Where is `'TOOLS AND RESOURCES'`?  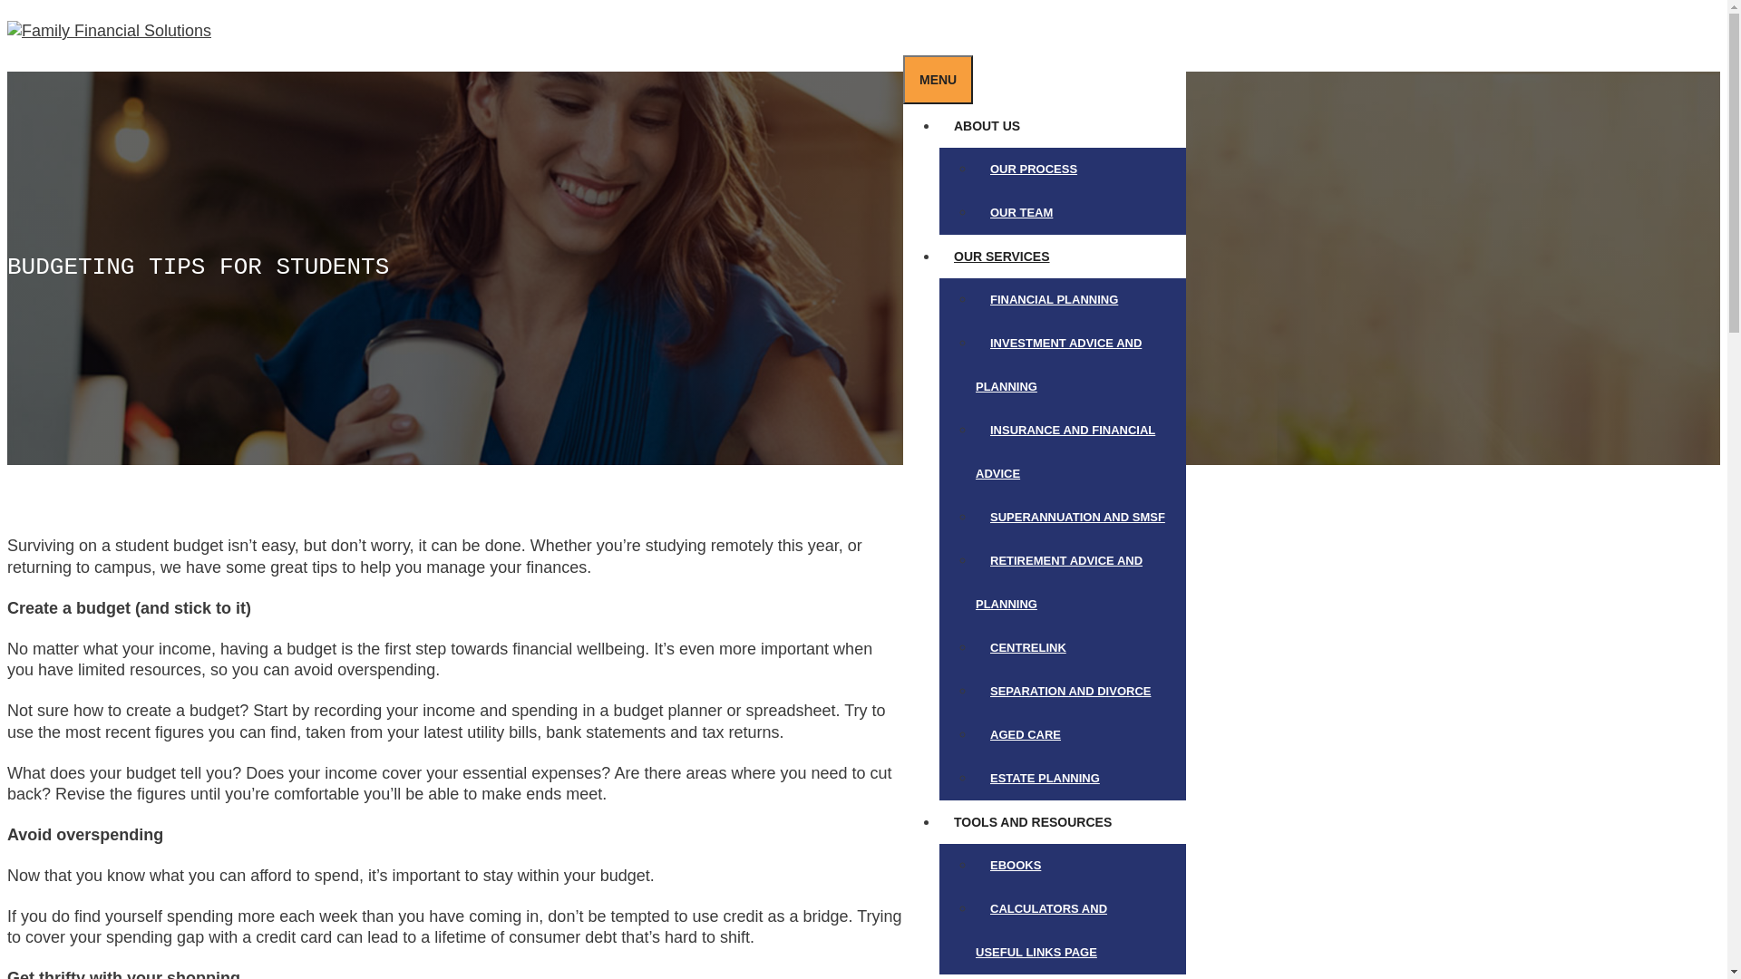 'TOOLS AND RESOURCES' is located at coordinates (1040, 821).